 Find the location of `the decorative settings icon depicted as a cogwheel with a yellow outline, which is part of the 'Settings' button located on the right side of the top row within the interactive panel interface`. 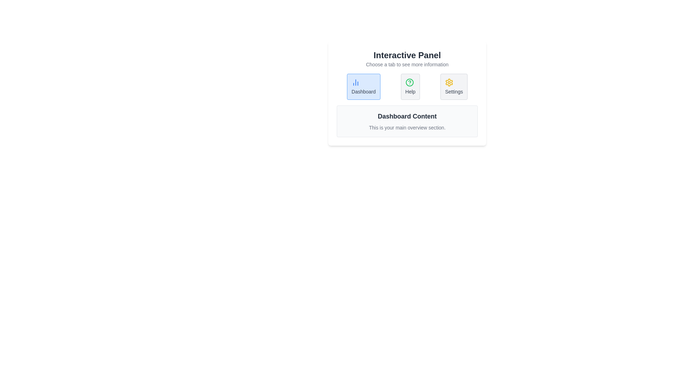

the decorative settings icon depicted as a cogwheel with a yellow outline, which is part of the 'Settings' button located on the right side of the top row within the interactive panel interface is located at coordinates (449, 82).